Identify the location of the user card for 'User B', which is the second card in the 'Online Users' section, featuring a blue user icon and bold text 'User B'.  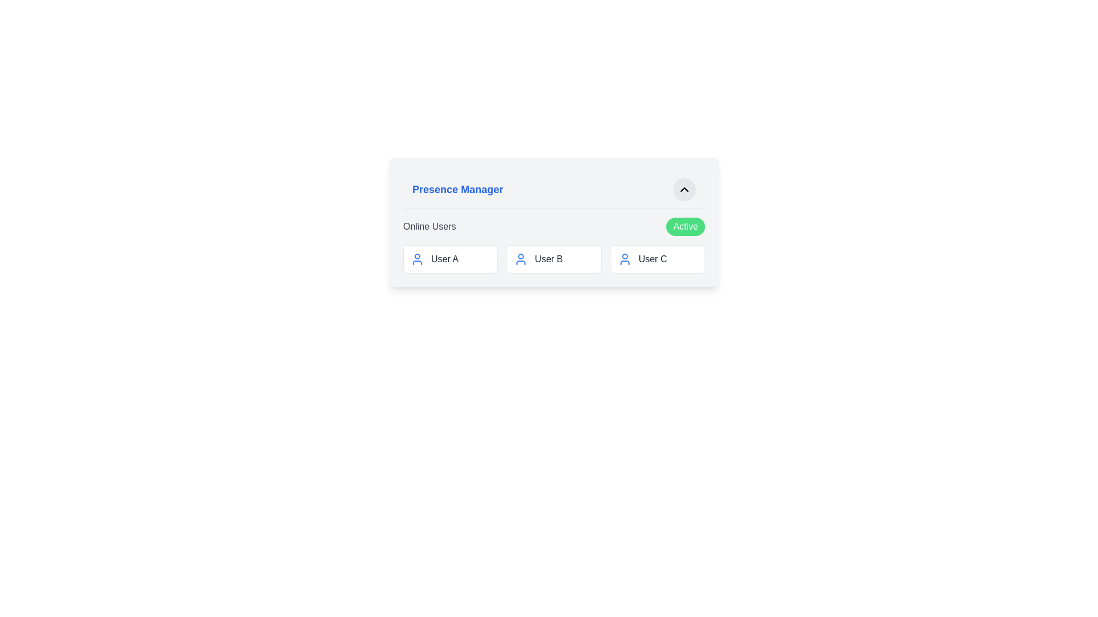
(554, 259).